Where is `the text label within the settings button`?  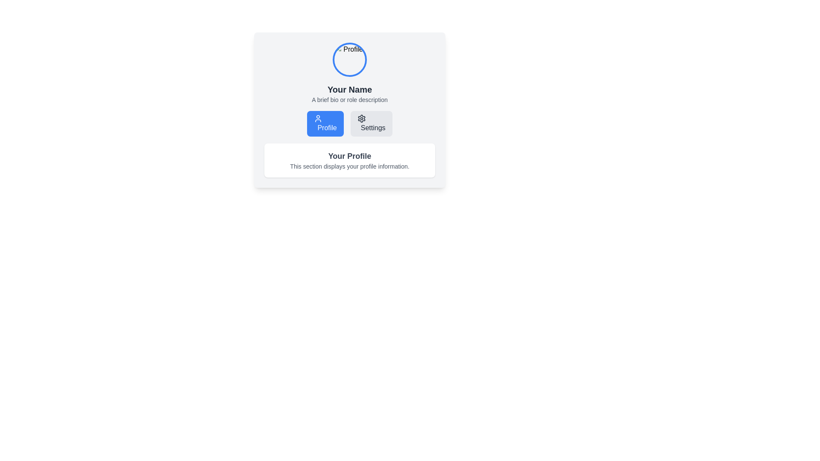
the text label within the settings button is located at coordinates (373, 128).